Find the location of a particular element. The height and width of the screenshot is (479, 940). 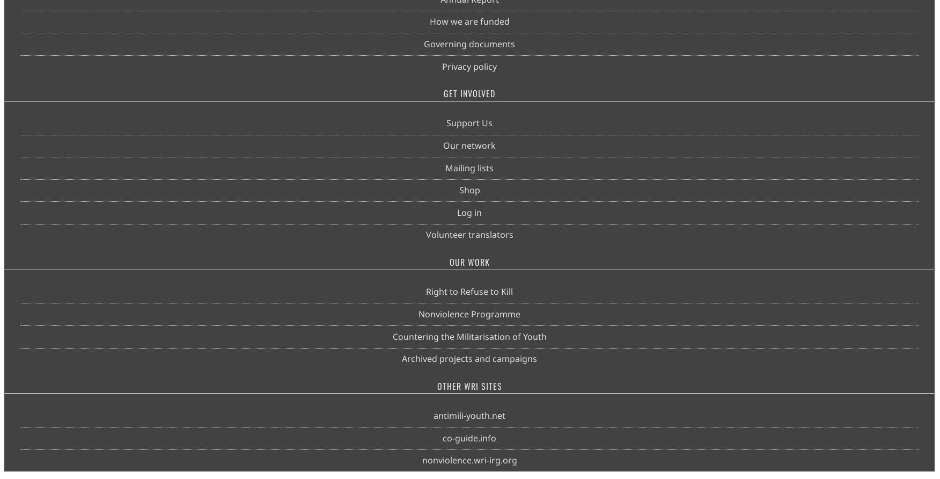

'Mailing lists' is located at coordinates (468, 168).